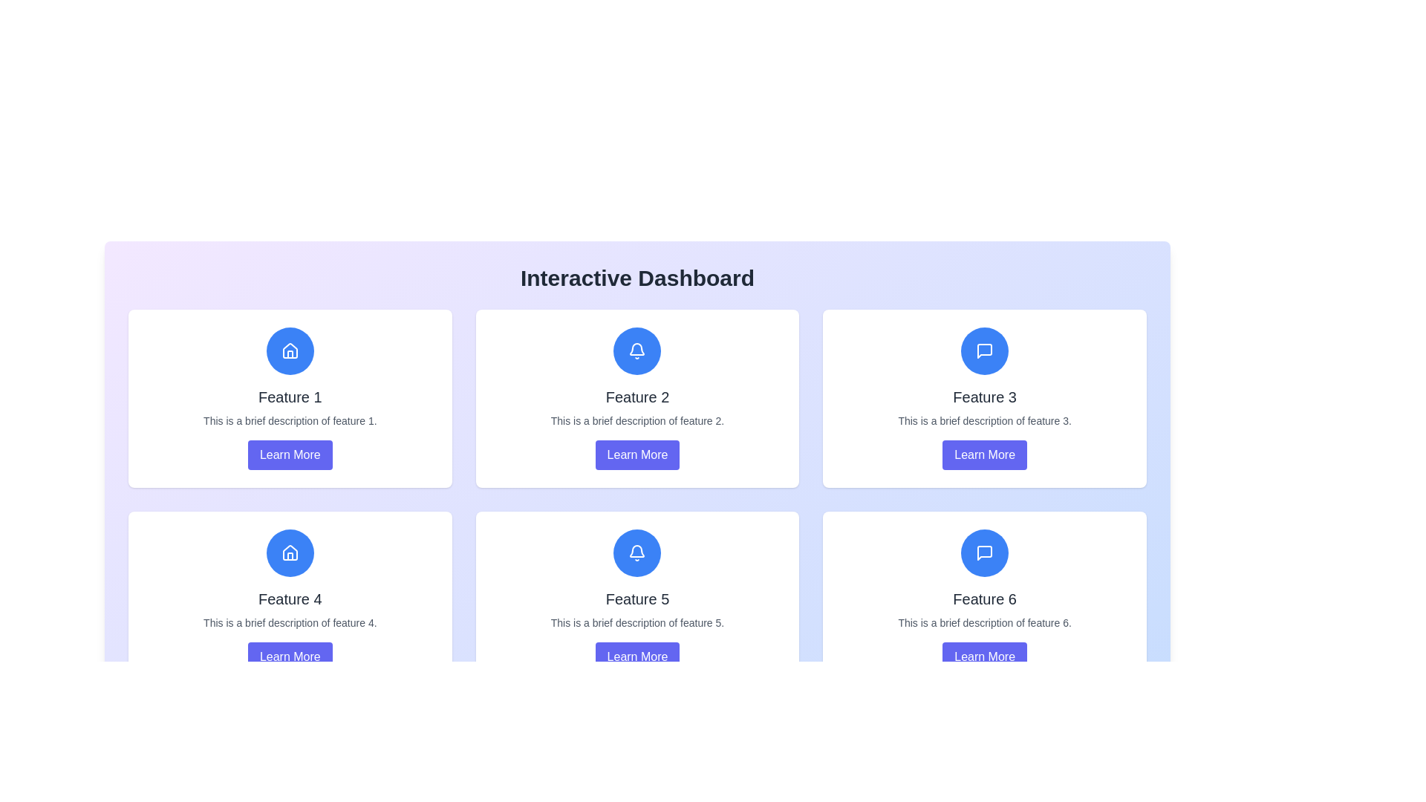 The height and width of the screenshot is (802, 1426). I want to click on speech bubble icon, which is the third feature icon located in the bottom-right of the layout within 'Feature 6', nested inside a circular blue background, so click(985, 552).